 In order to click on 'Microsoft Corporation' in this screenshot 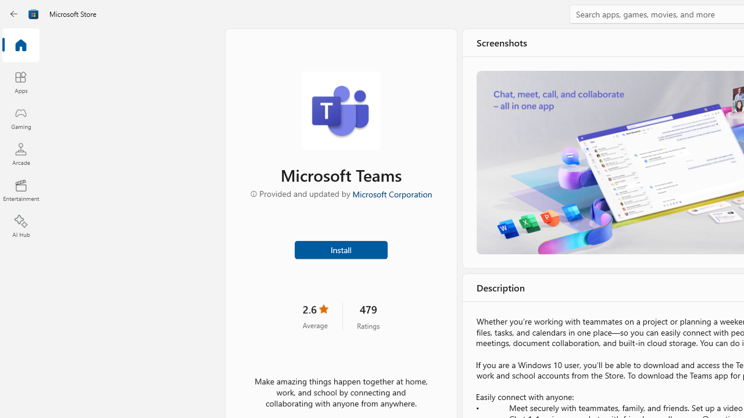, I will do `click(391, 193)`.